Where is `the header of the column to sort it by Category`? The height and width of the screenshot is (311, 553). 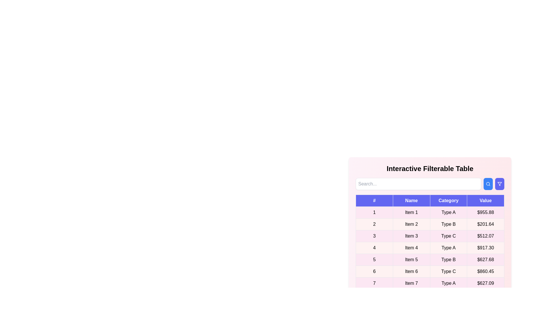
the header of the column to sort it by Category is located at coordinates (448, 200).